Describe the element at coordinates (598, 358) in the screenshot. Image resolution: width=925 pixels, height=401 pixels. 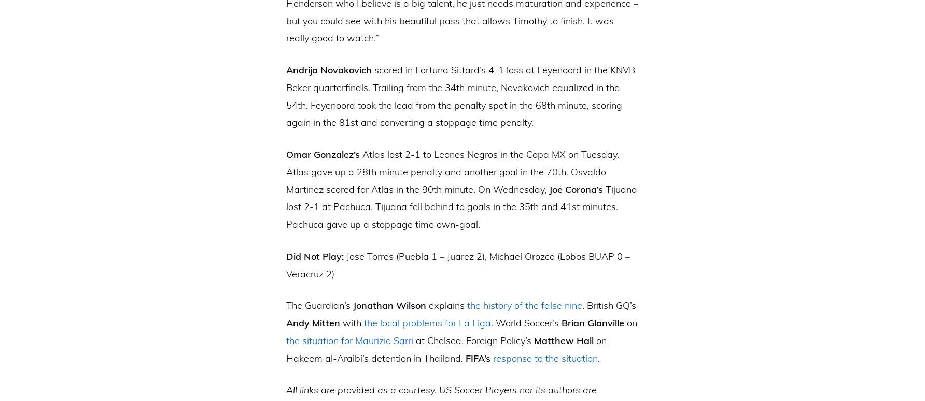
I see `'.'` at that location.